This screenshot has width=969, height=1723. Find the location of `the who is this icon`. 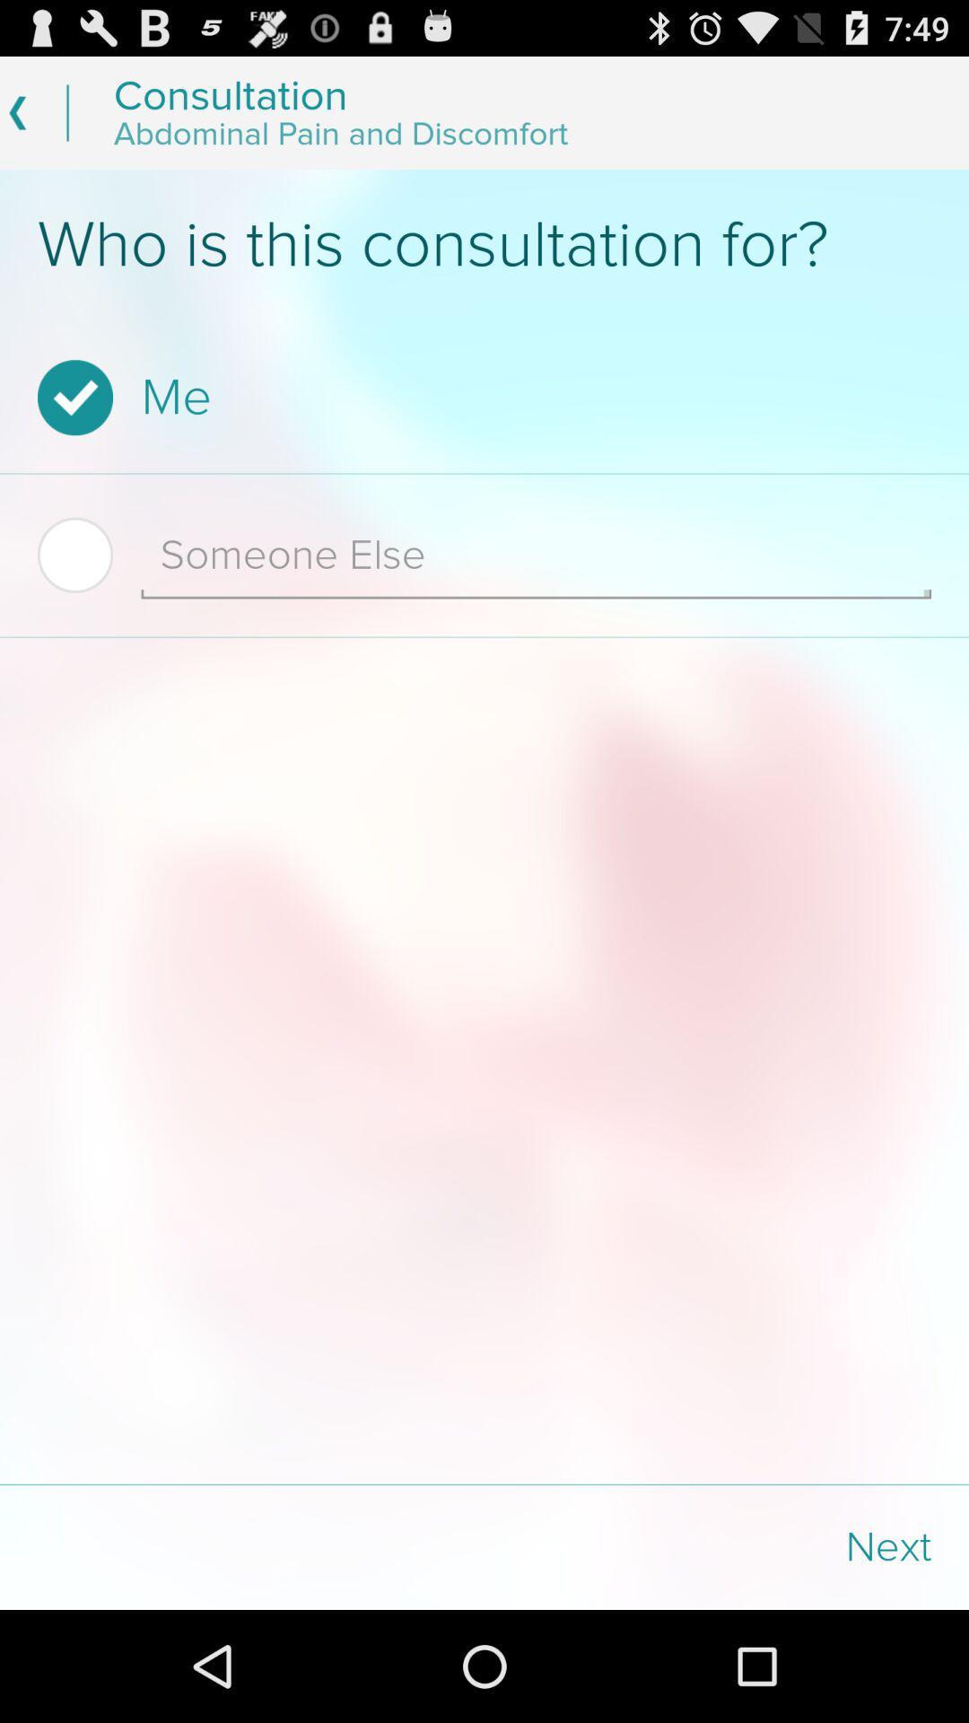

the who is this icon is located at coordinates (484, 244).